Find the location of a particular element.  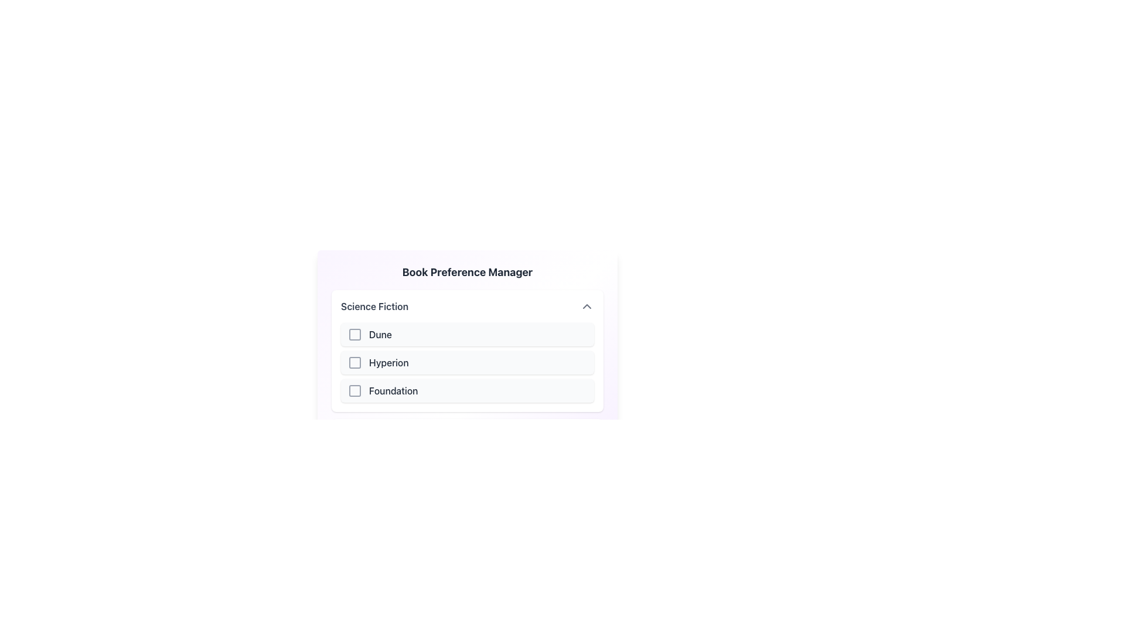

the chevron-up icon button styled with a gray stroke located at the right end of the 'Science Fiction' section is located at coordinates (587, 306).